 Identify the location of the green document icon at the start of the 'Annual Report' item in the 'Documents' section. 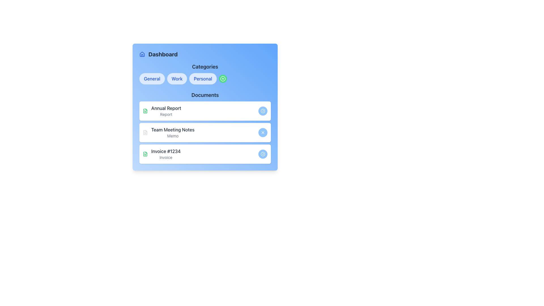
(145, 154).